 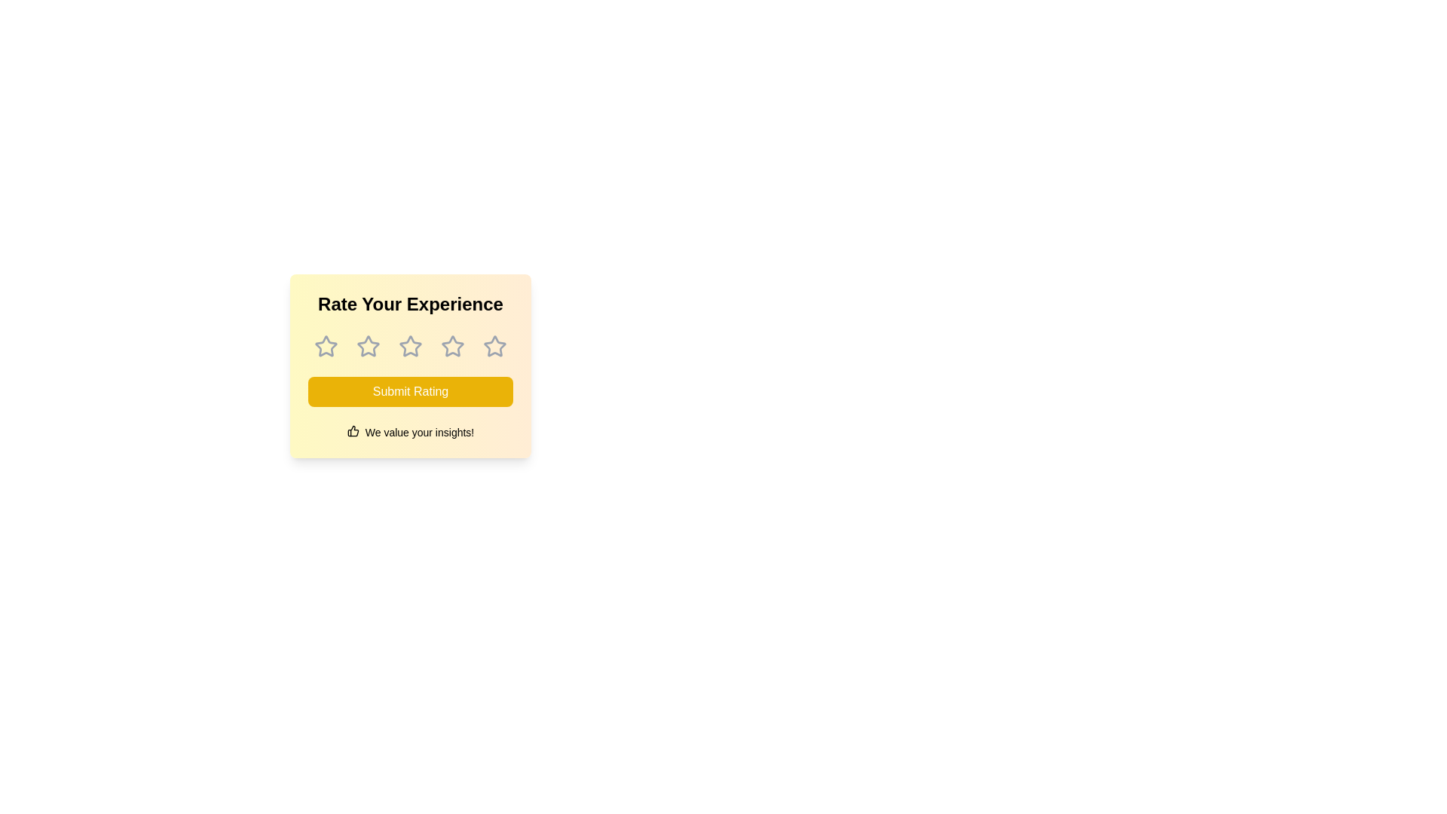 What do you see at coordinates (325, 346) in the screenshot?
I see `the first hollow star icon used for rating purposes` at bounding box center [325, 346].